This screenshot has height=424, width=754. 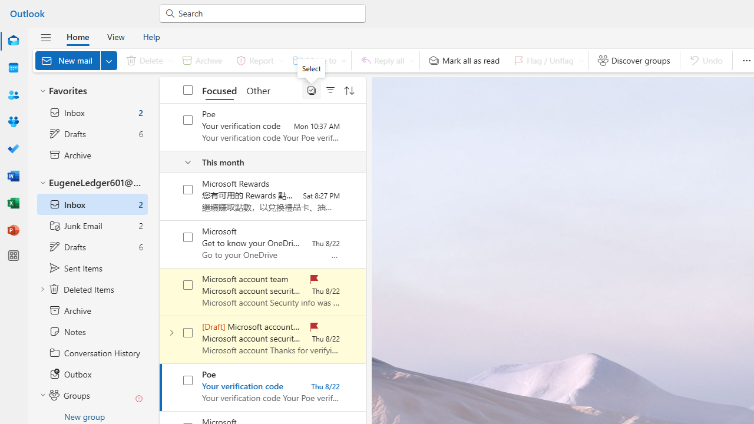 What do you see at coordinates (14, 148) in the screenshot?
I see `'To Do'` at bounding box center [14, 148].